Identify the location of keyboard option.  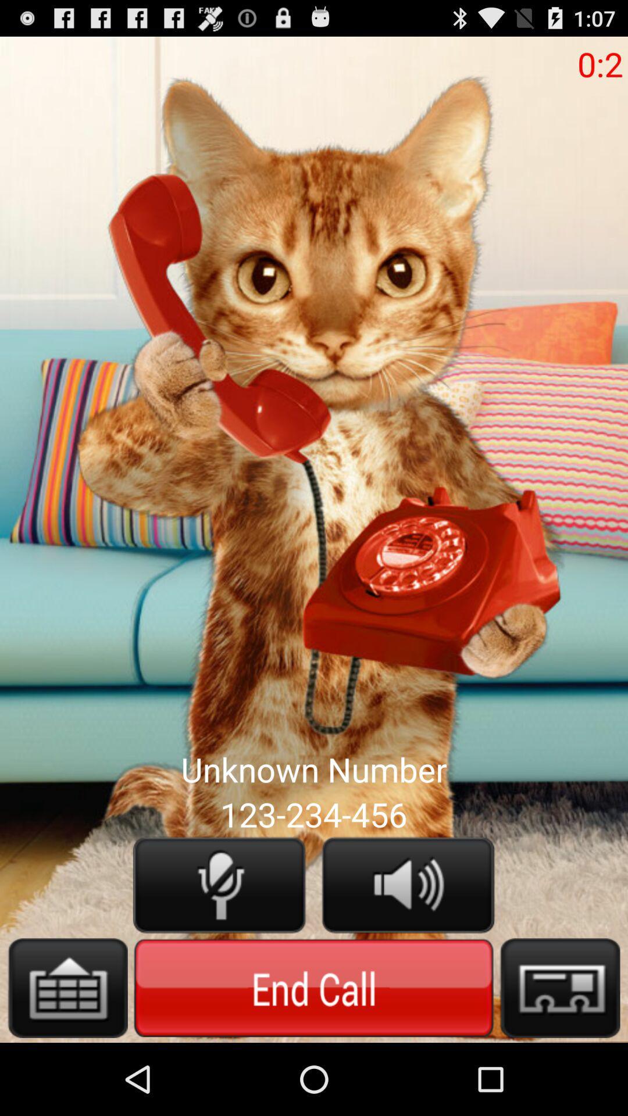
(67, 987).